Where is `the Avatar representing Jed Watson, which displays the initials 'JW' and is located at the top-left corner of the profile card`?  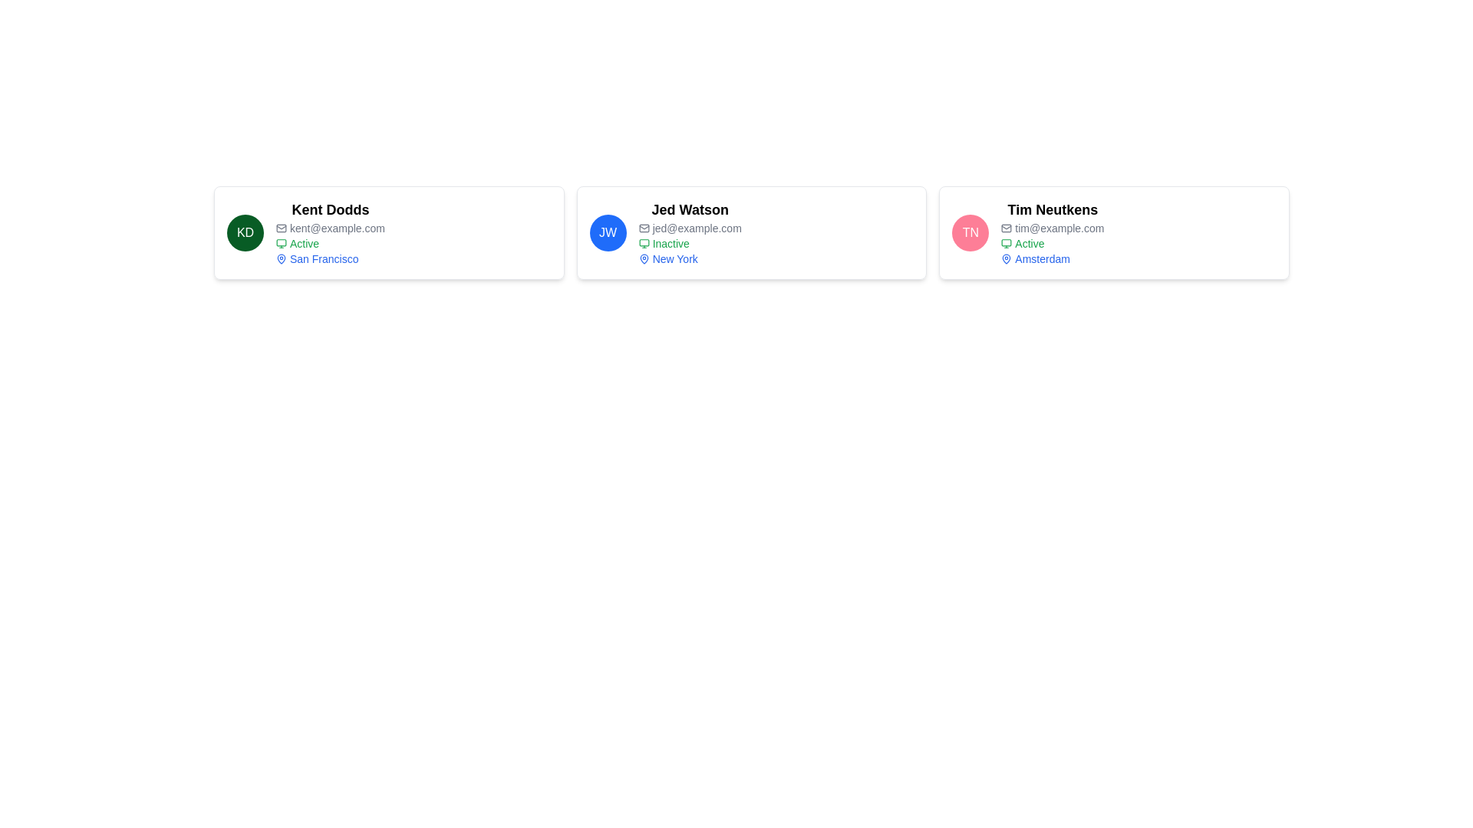
the Avatar representing Jed Watson, which displays the initials 'JW' and is located at the top-left corner of the profile card is located at coordinates (607, 233).